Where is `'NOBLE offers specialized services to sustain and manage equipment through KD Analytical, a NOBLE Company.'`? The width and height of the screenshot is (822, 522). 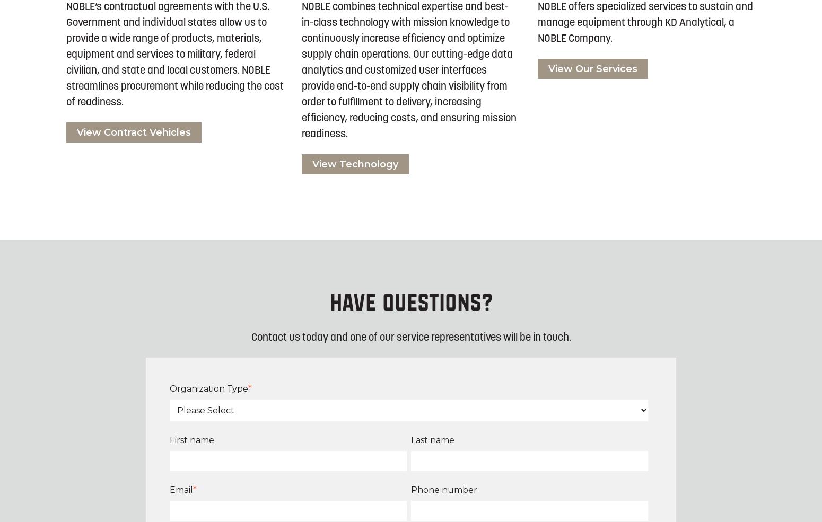
'NOBLE offers specialized services to sustain and manage equipment through KD Analytical, a NOBLE Company.' is located at coordinates (644, 22).